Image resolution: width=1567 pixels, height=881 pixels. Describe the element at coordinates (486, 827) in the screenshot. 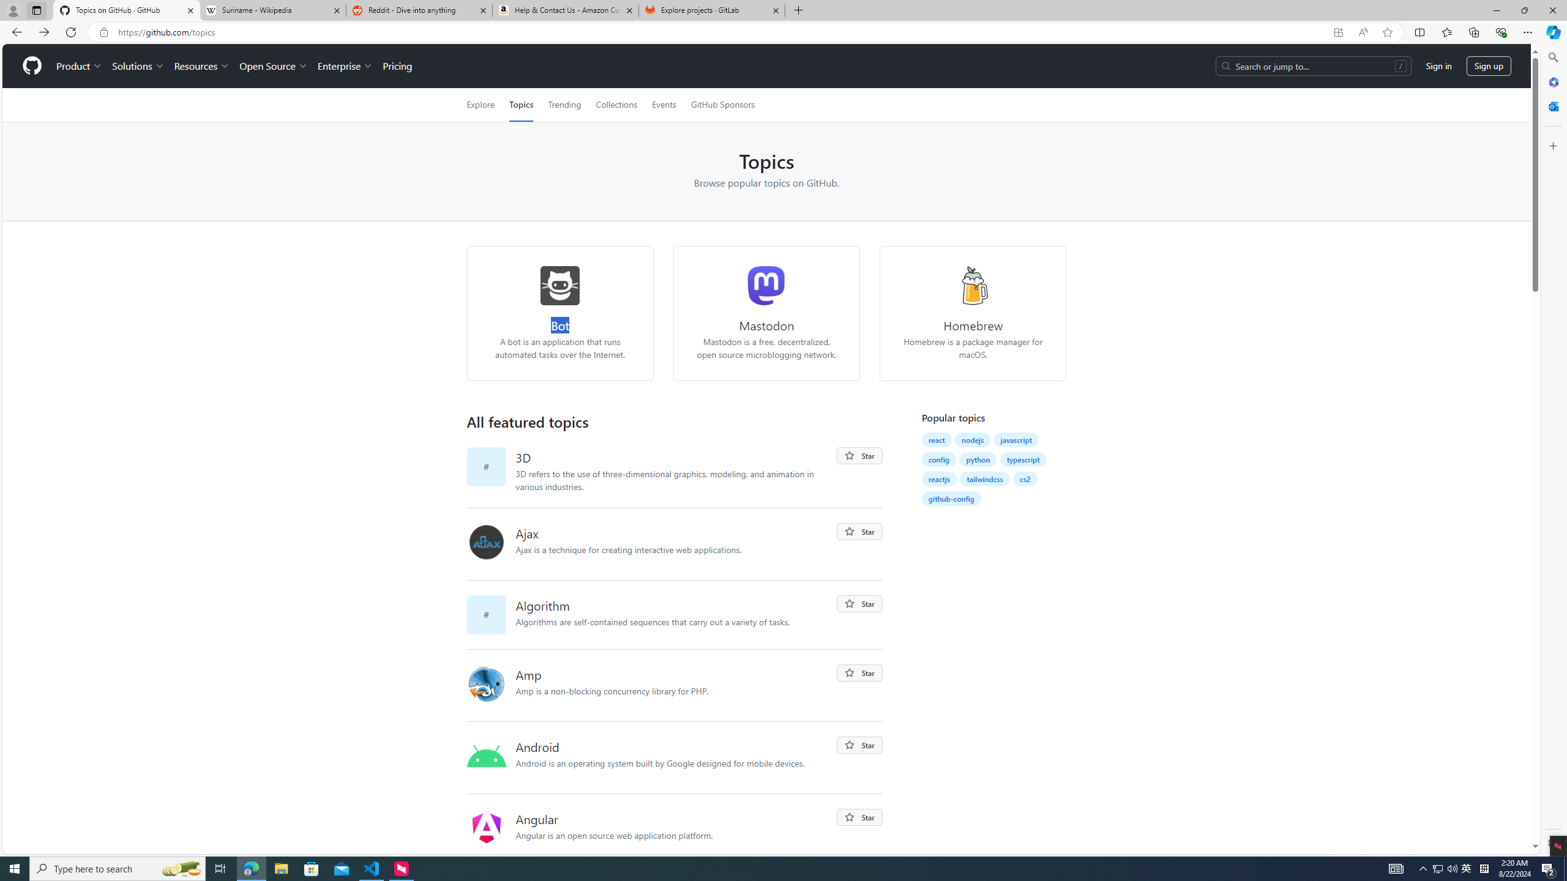

I see `'angular'` at that location.